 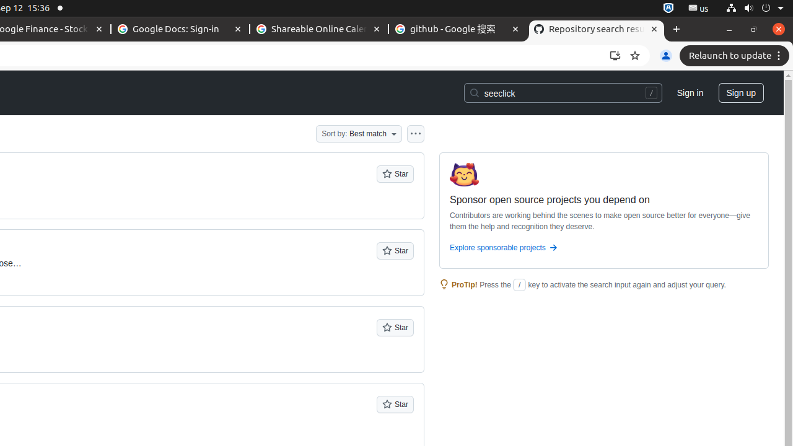 What do you see at coordinates (665, 56) in the screenshot?
I see `'You'` at bounding box center [665, 56].